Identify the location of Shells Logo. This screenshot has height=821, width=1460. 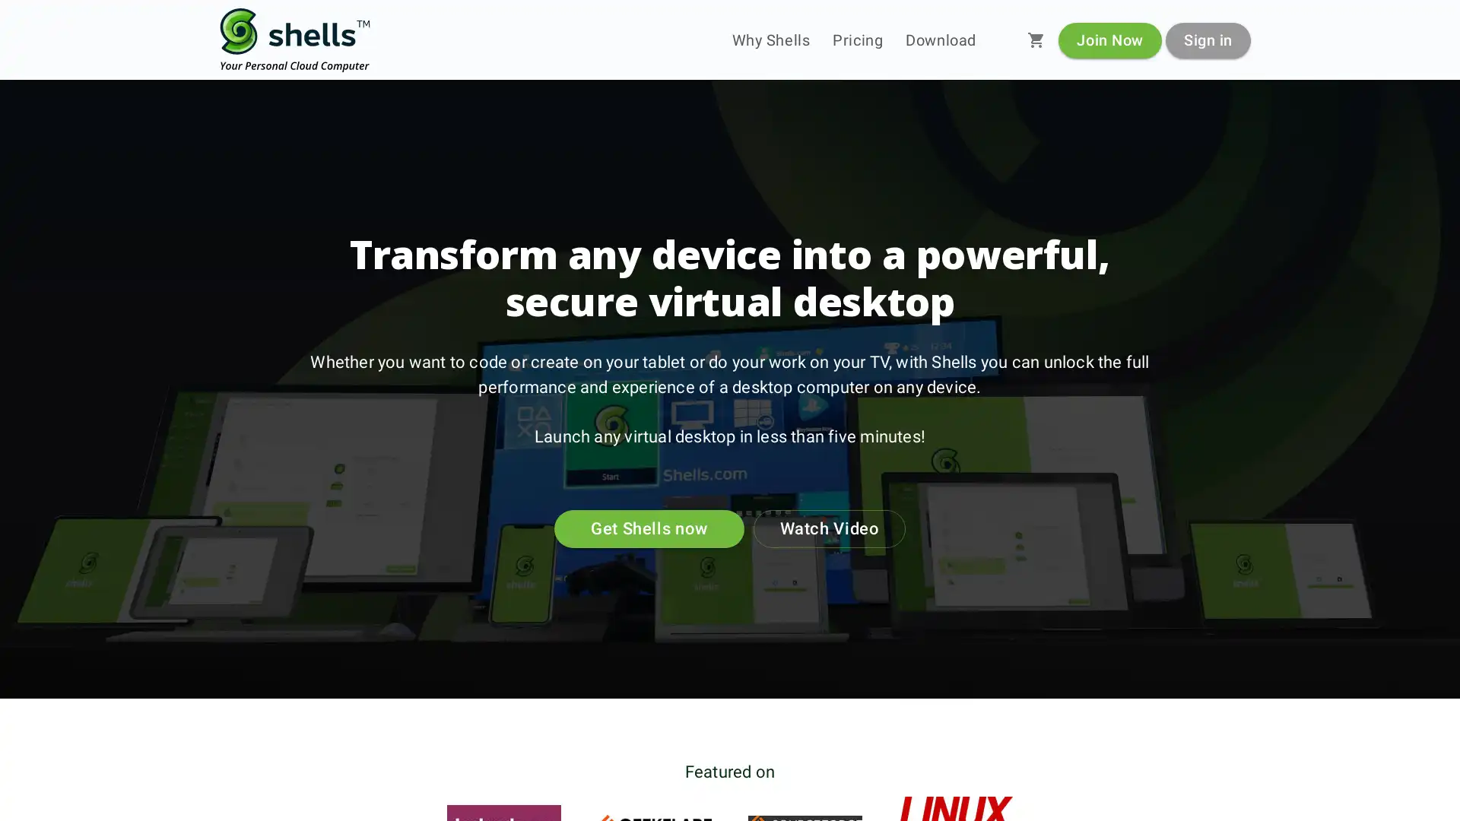
(295, 40).